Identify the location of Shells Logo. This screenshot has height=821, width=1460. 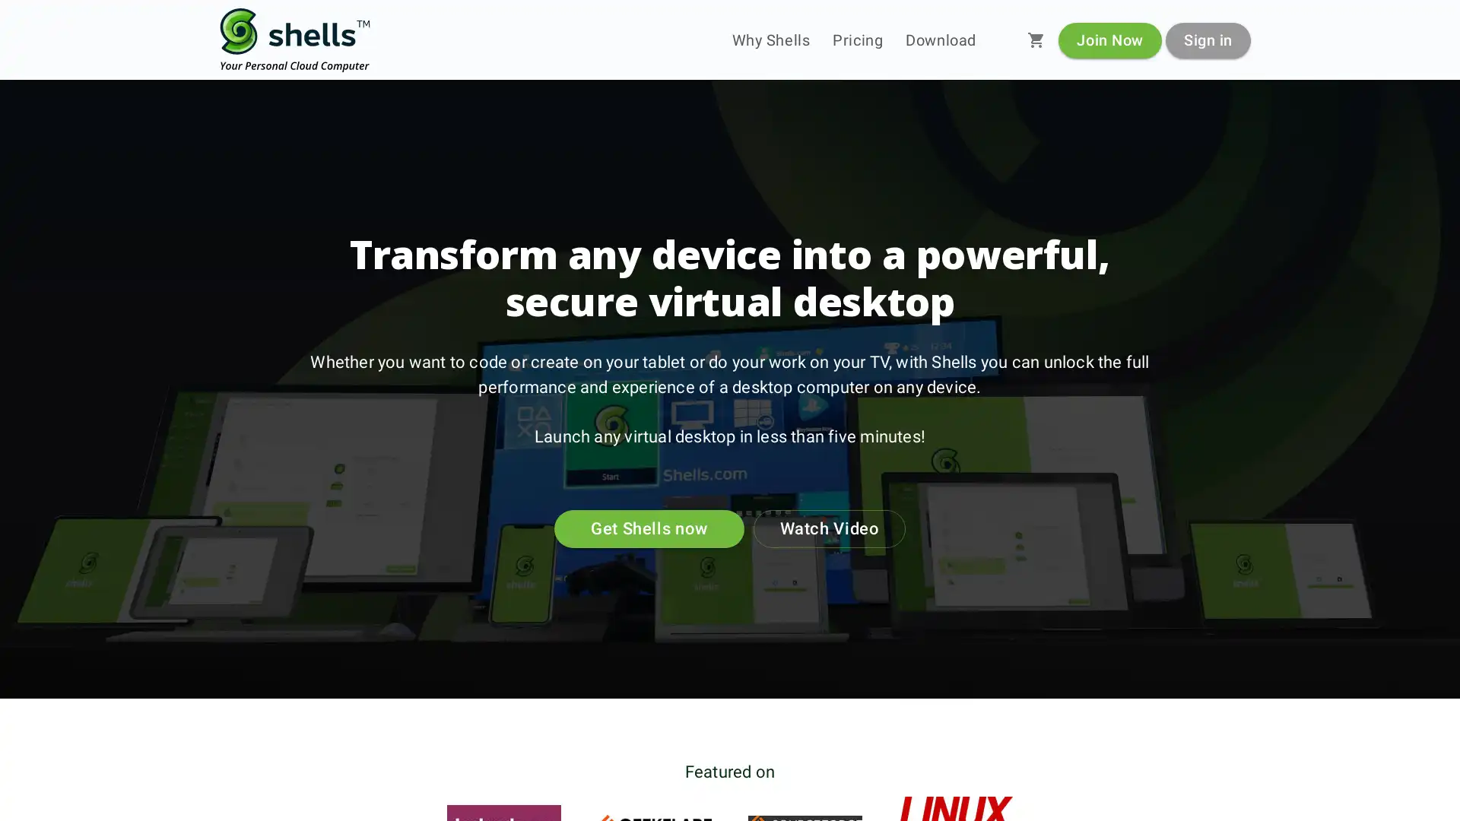
(295, 40).